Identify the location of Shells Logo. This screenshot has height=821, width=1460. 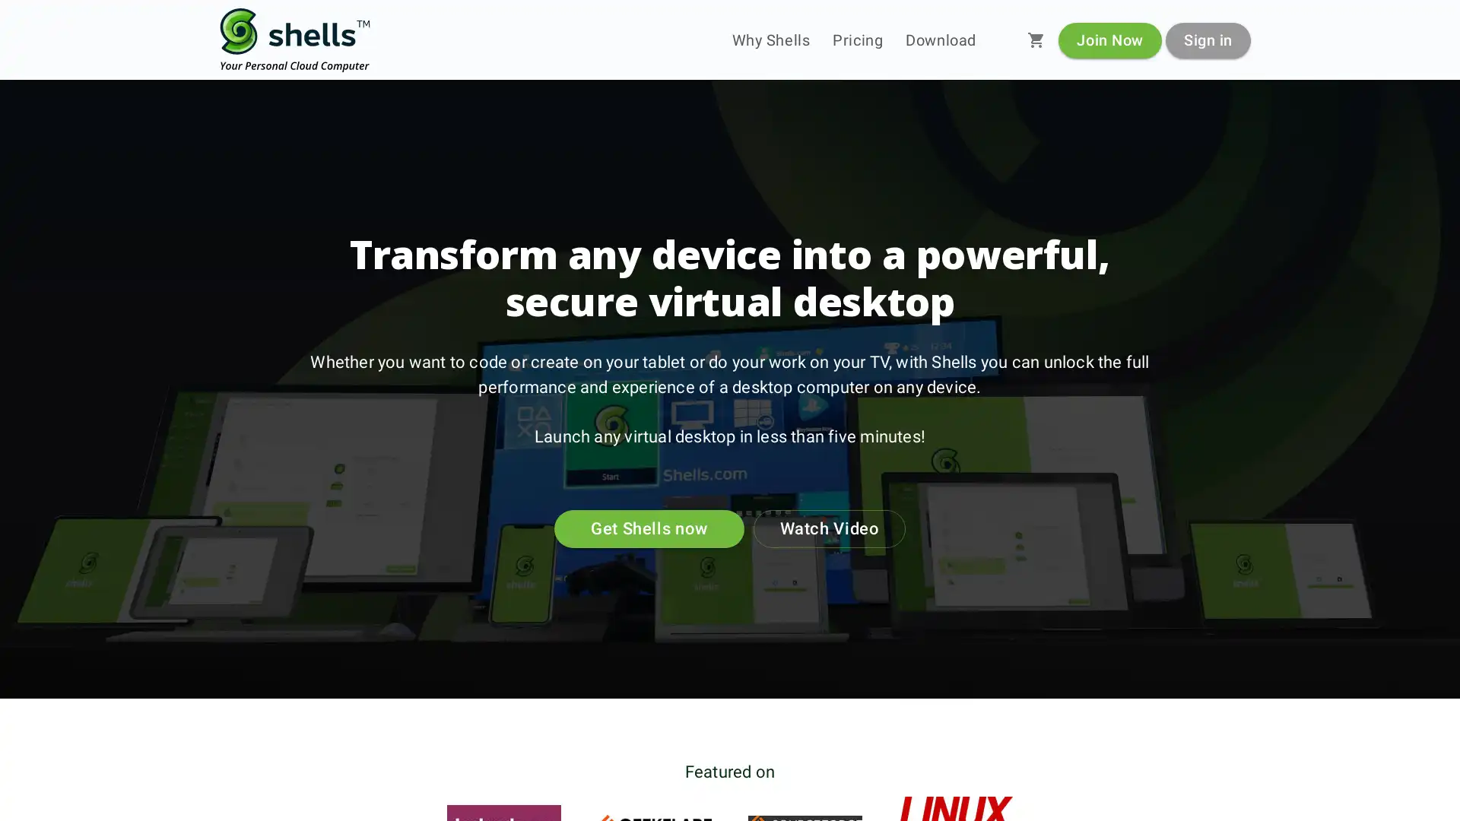
(295, 40).